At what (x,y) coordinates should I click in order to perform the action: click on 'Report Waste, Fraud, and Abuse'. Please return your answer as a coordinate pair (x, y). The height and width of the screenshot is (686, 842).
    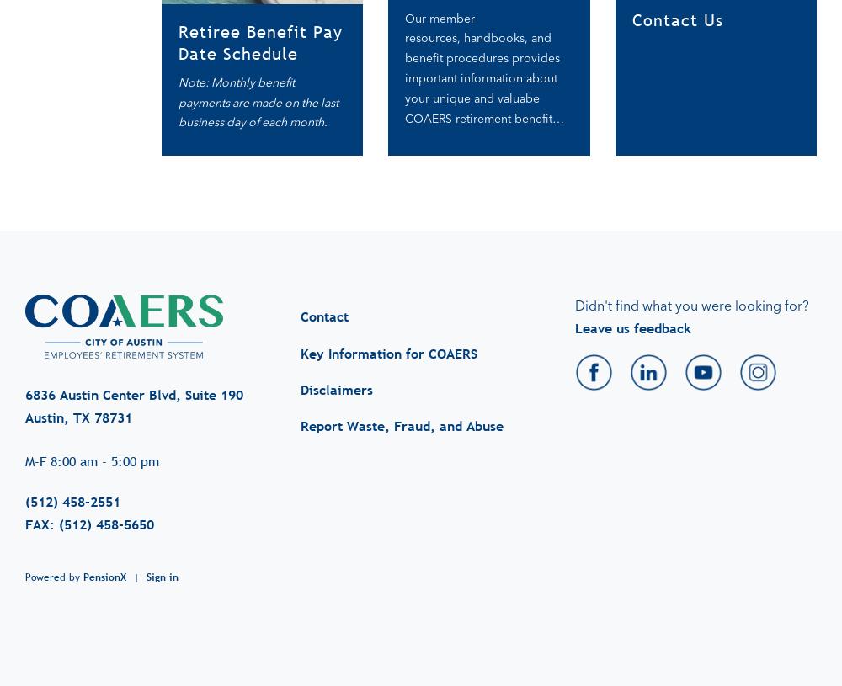
    Looking at the image, I should click on (299, 409).